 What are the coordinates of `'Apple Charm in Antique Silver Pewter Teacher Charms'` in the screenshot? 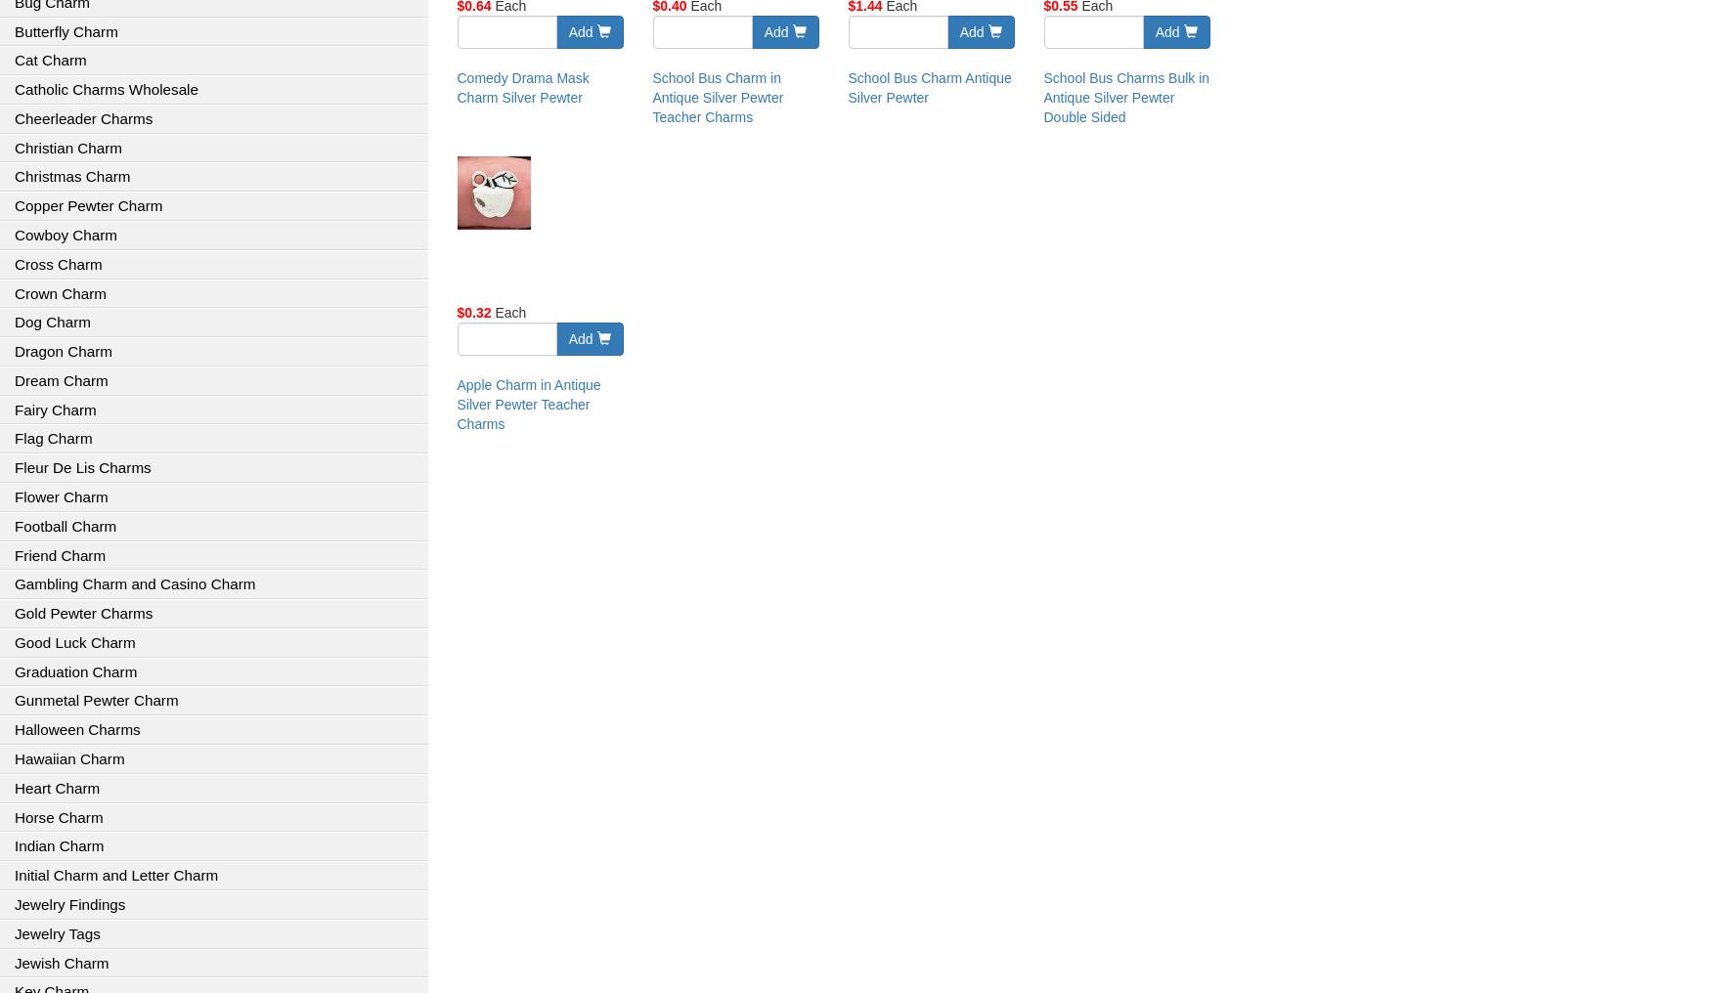 It's located at (527, 404).